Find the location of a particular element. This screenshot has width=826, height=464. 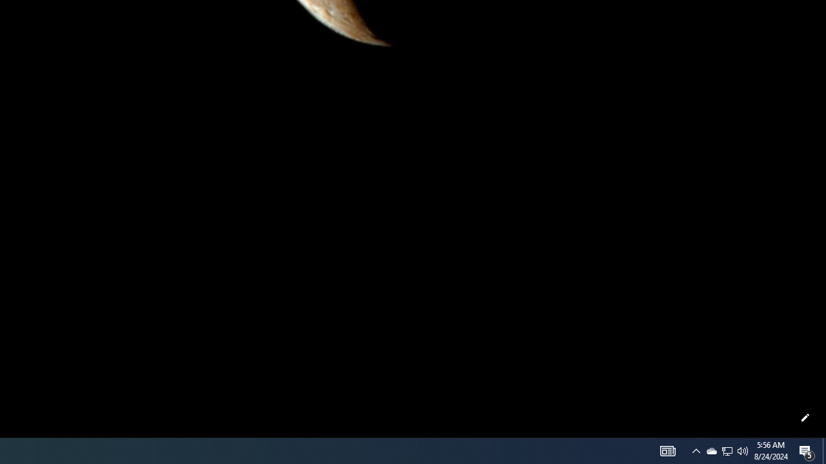

'Customize this page' is located at coordinates (805, 418).